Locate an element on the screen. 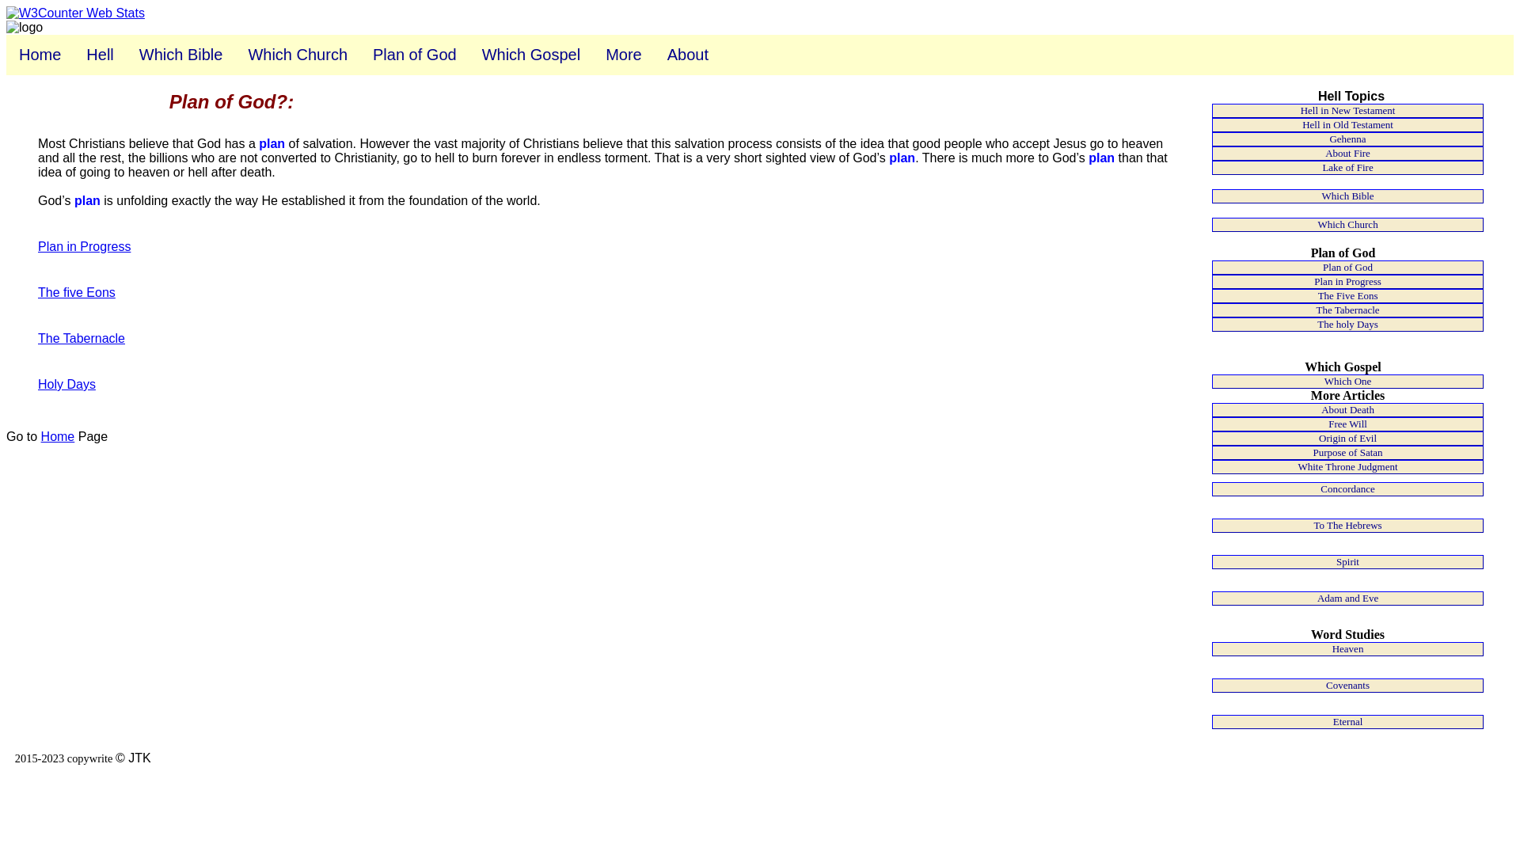  'The holy Days' is located at coordinates (1347, 323).